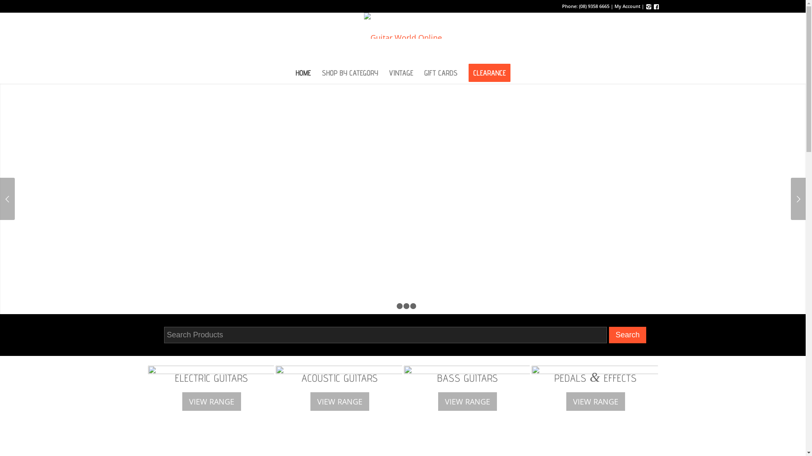  I want to click on 'GIFT CARDS', so click(440, 73).